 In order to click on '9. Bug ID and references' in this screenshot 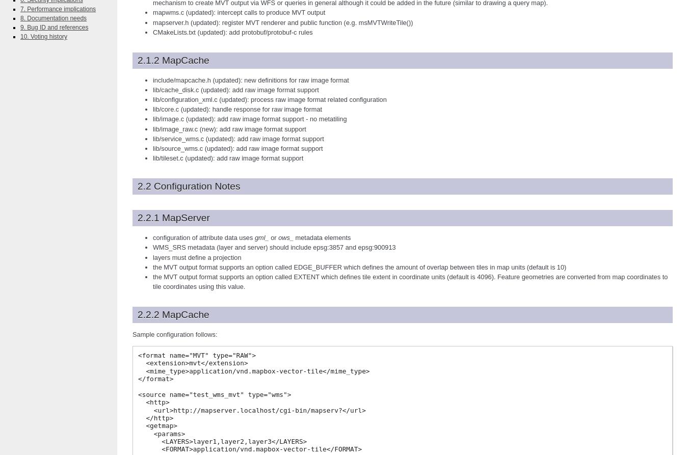, I will do `click(19, 28)`.